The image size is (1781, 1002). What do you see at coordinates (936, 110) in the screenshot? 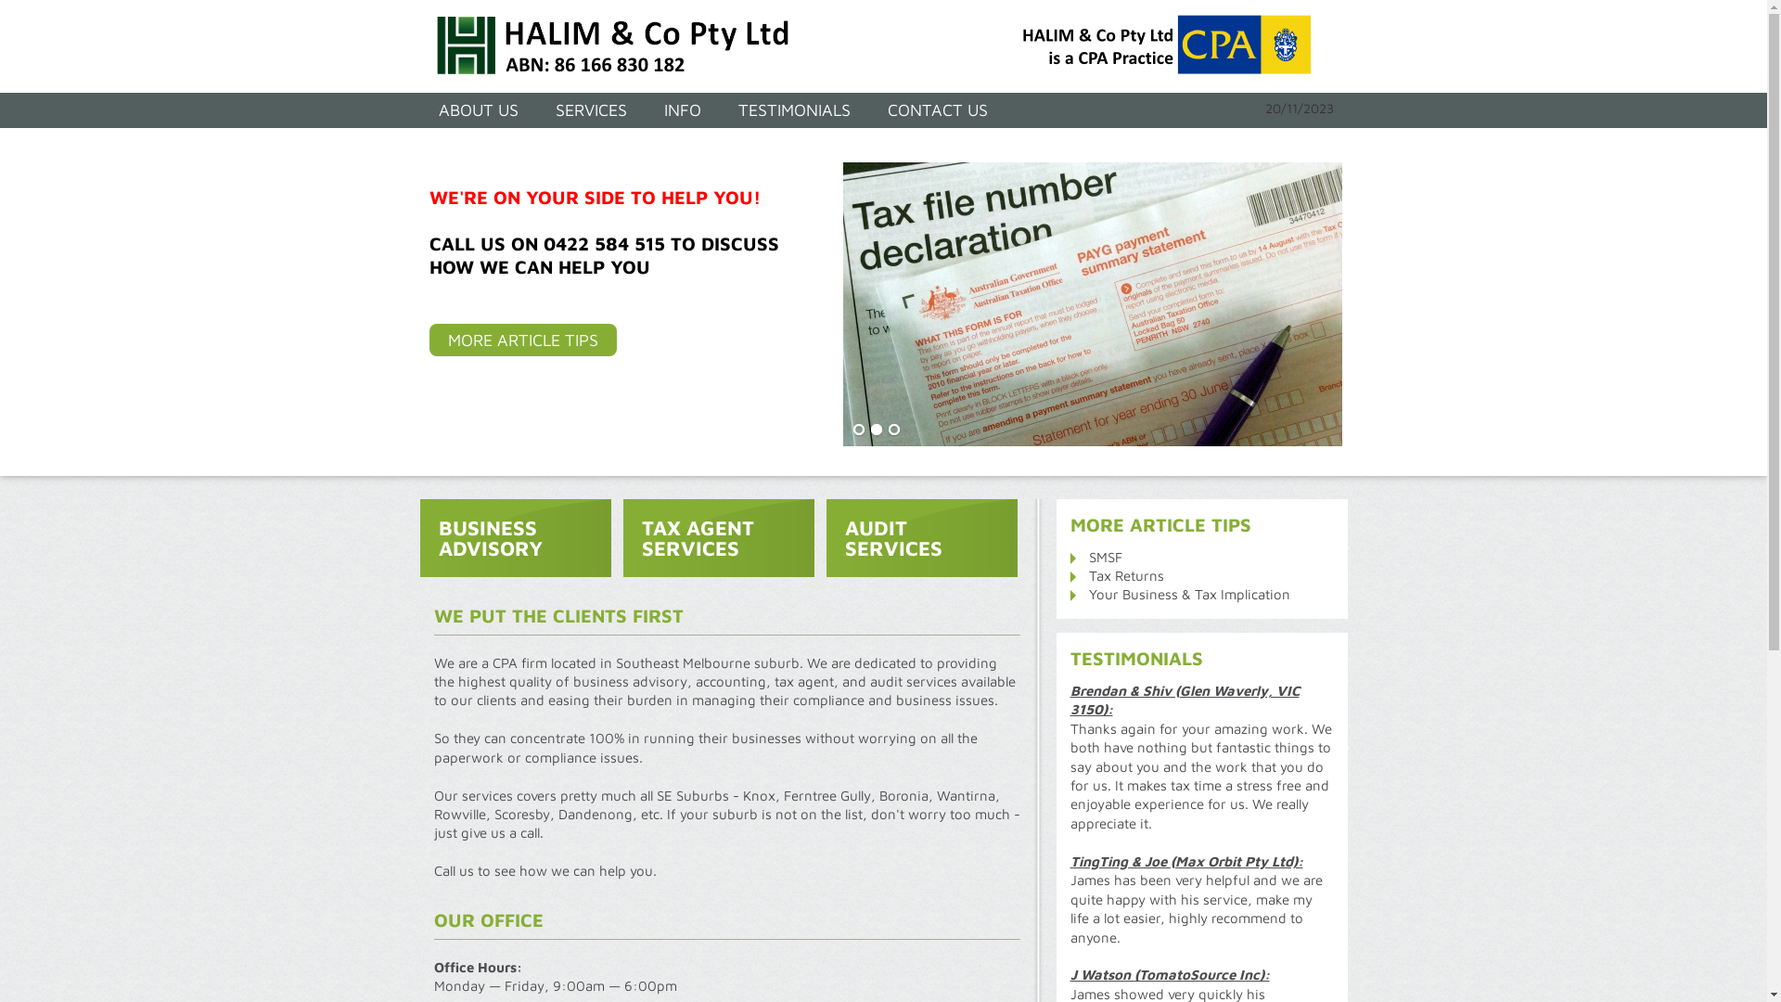
I see `'CONTACT US'` at bounding box center [936, 110].